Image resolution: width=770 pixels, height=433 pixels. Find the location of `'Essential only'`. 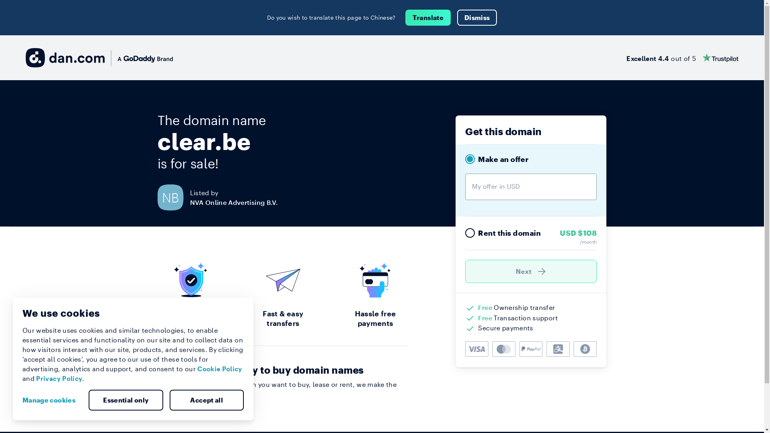

'Essential only' is located at coordinates (88, 400).